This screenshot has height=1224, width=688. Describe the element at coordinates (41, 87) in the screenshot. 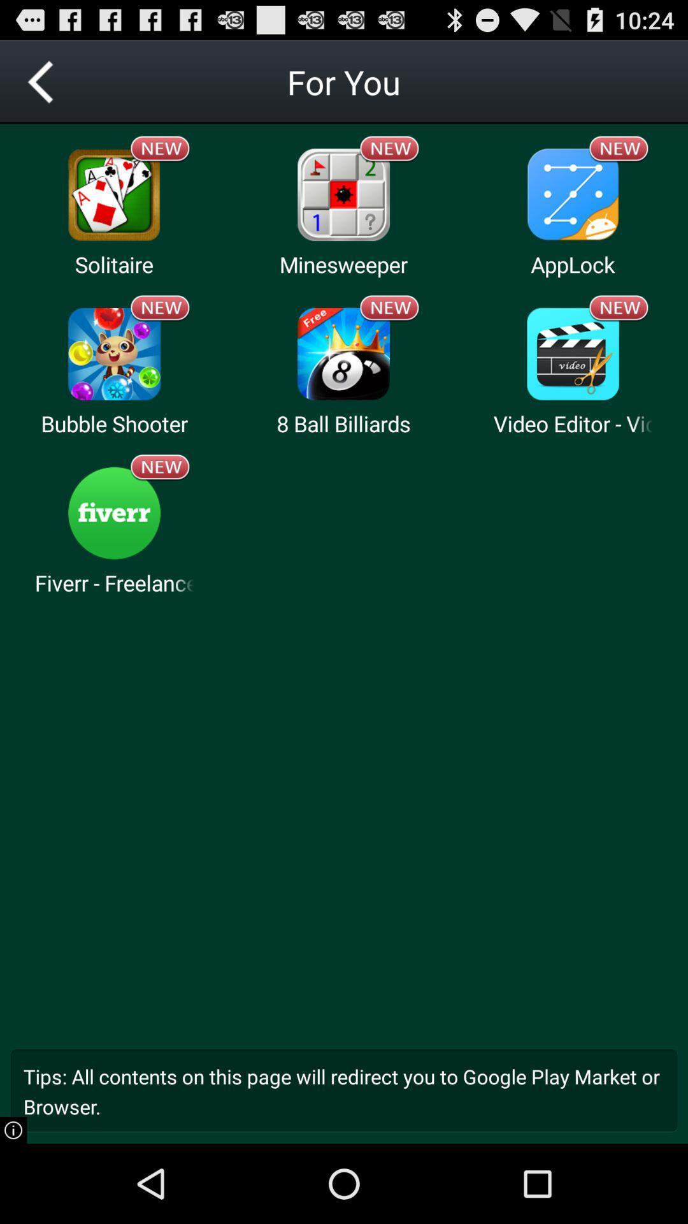

I see `the arrow_backward icon` at that location.